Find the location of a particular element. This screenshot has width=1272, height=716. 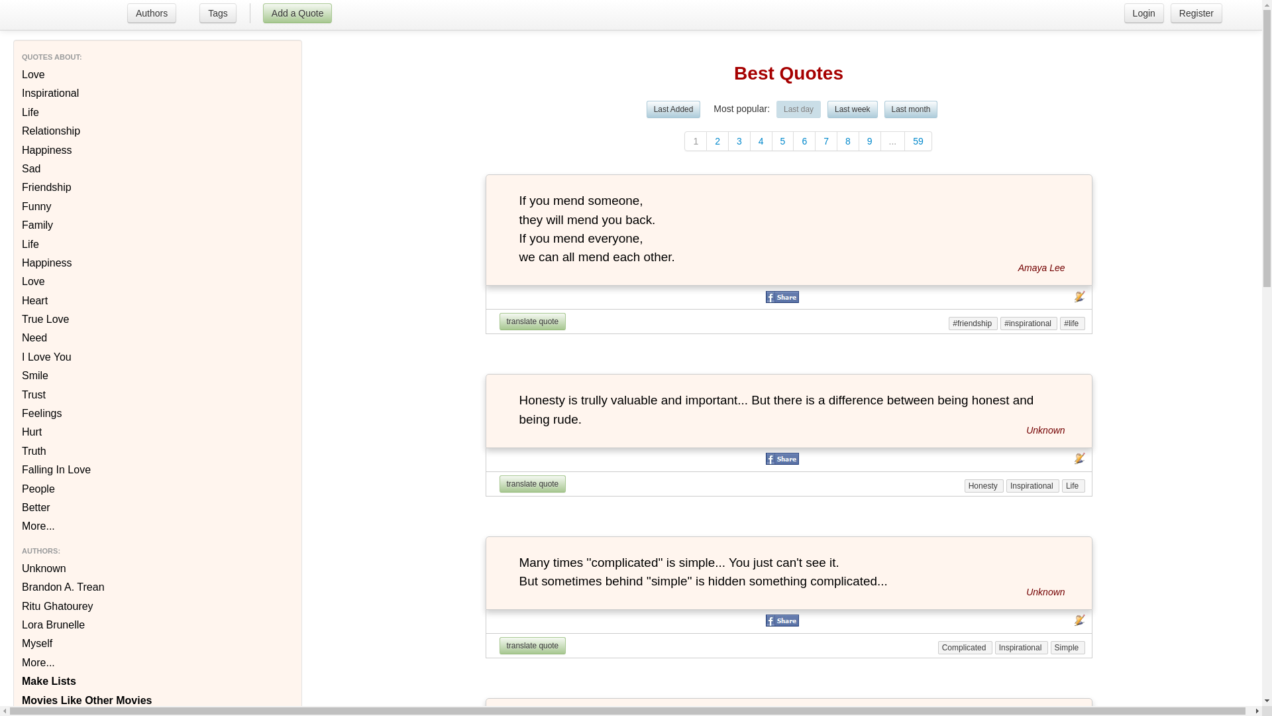

'5' is located at coordinates (783, 141).